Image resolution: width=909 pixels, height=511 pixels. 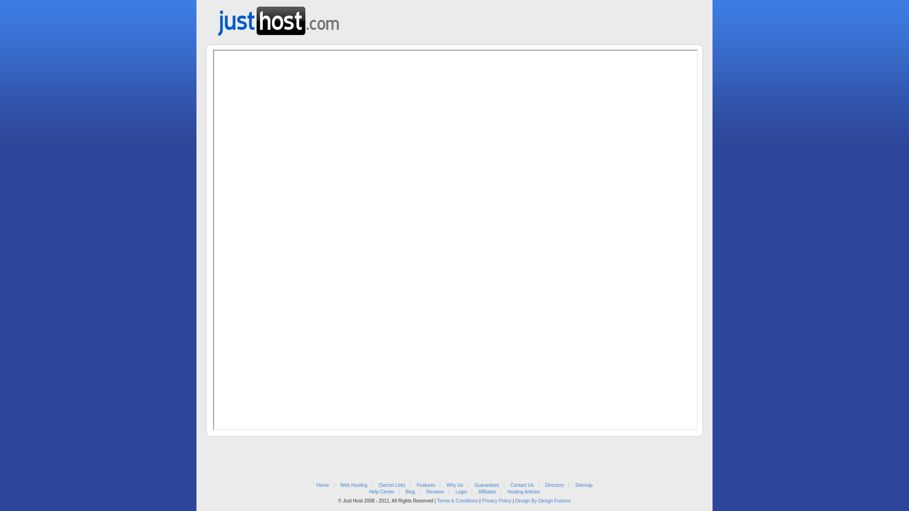 I want to click on 'Hosting Articles', so click(x=507, y=491).